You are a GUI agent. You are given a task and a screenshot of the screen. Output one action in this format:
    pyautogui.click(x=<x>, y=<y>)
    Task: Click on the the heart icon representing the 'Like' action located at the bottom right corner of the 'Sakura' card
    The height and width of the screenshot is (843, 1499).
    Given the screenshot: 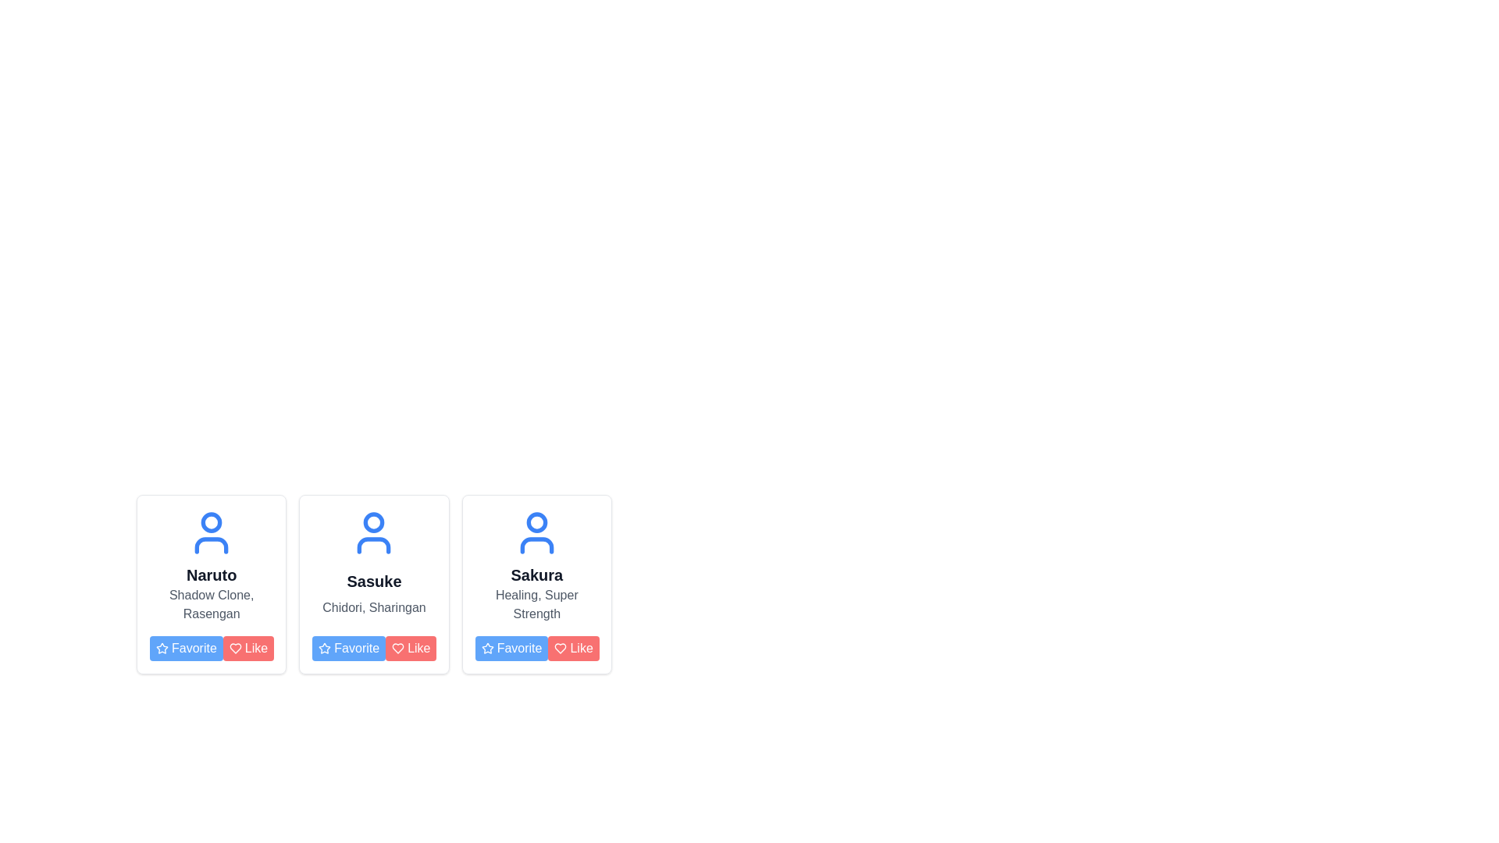 What is the action you would take?
    pyautogui.click(x=561, y=648)
    